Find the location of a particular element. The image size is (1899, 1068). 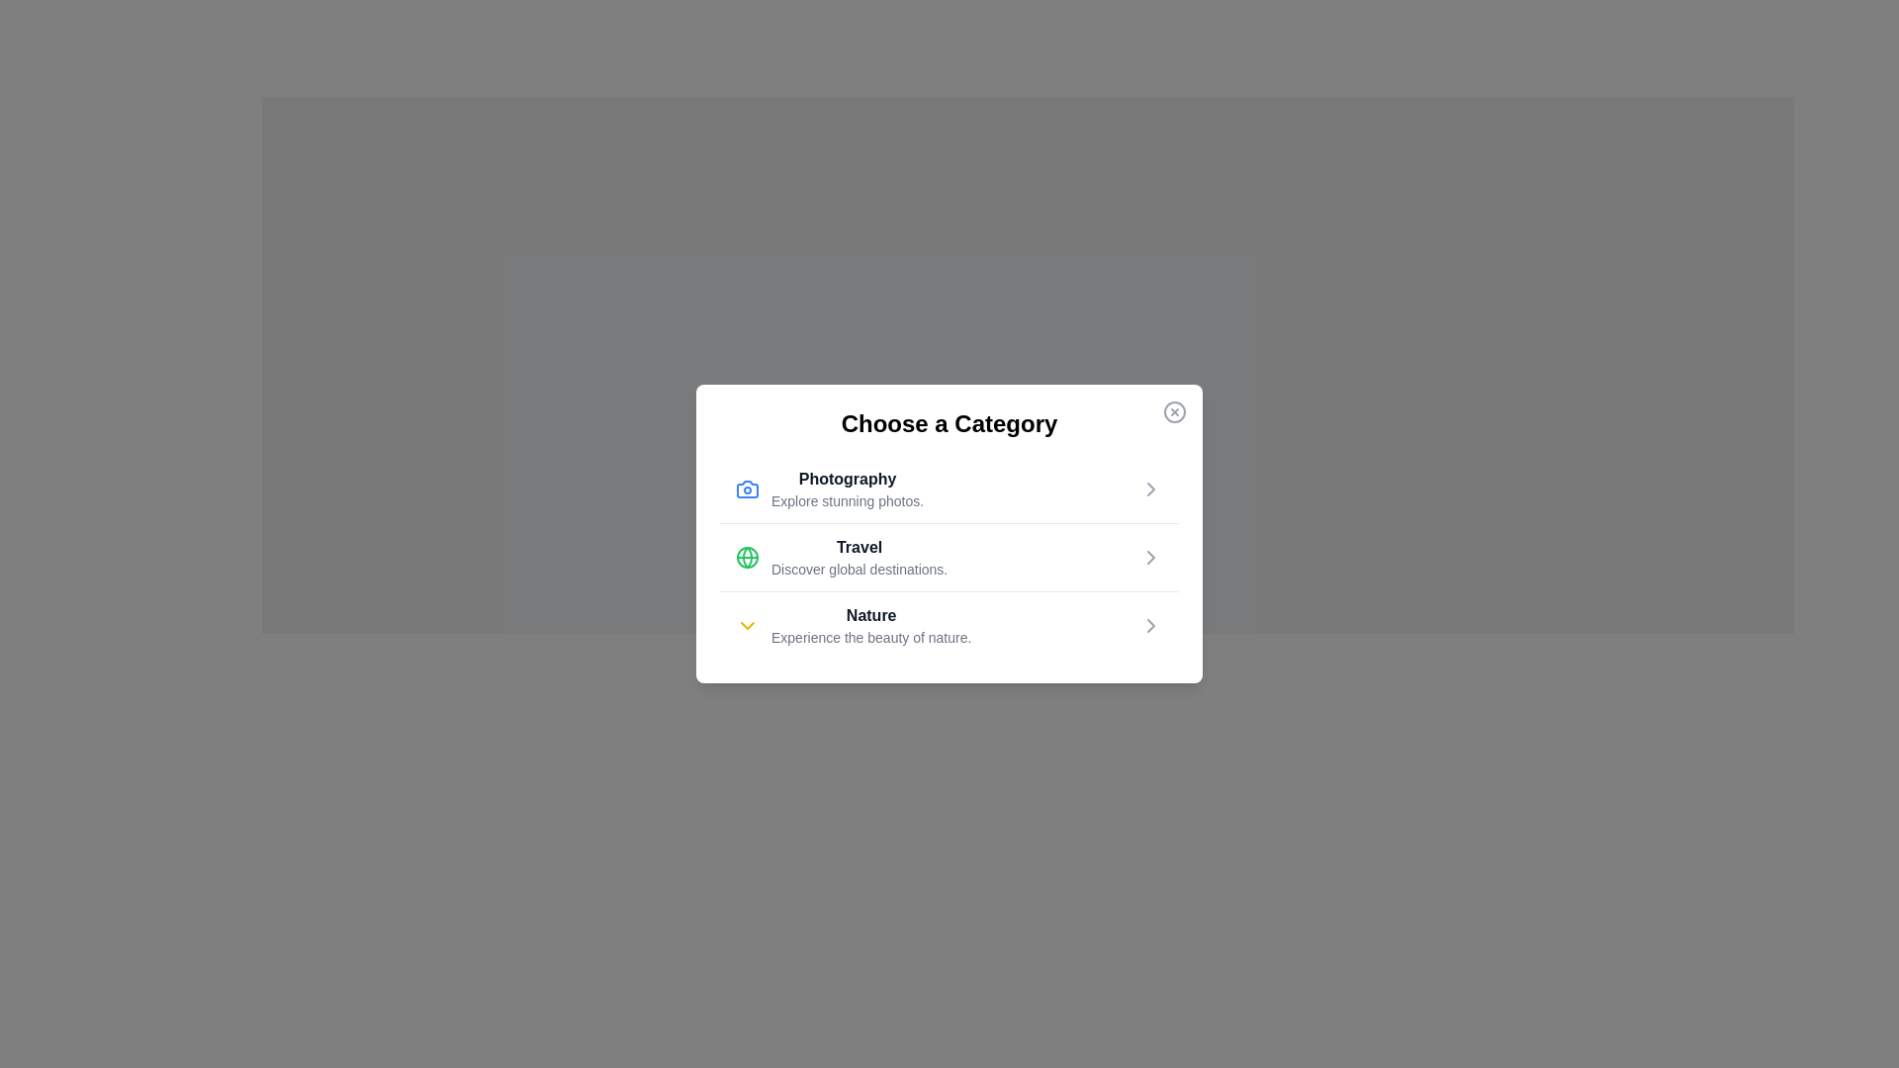

the 'Travel' category option in the middle of the vertical list within the modal dialog box is located at coordinates (842, 557).